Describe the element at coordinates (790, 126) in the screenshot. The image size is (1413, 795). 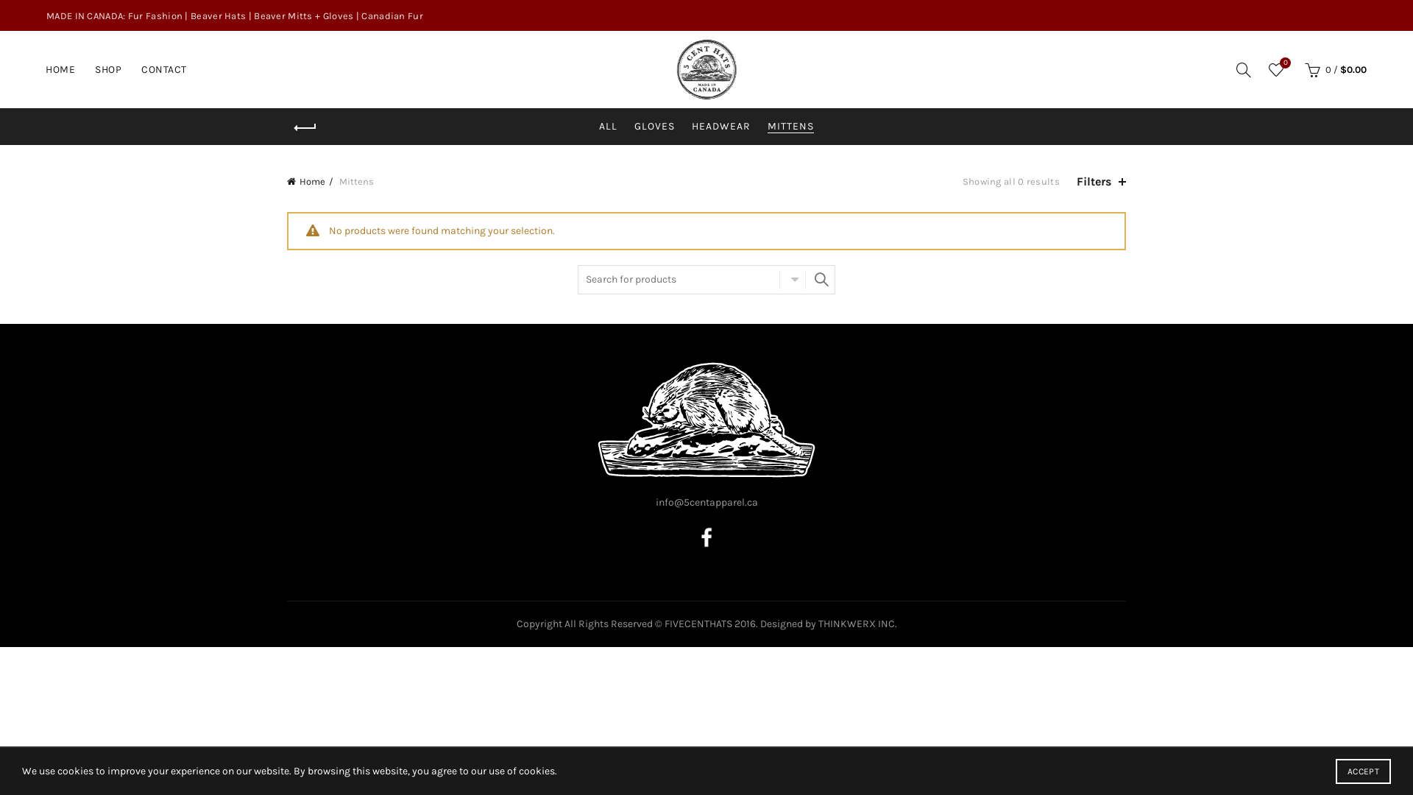
I see `'MITTENS'` at that location.